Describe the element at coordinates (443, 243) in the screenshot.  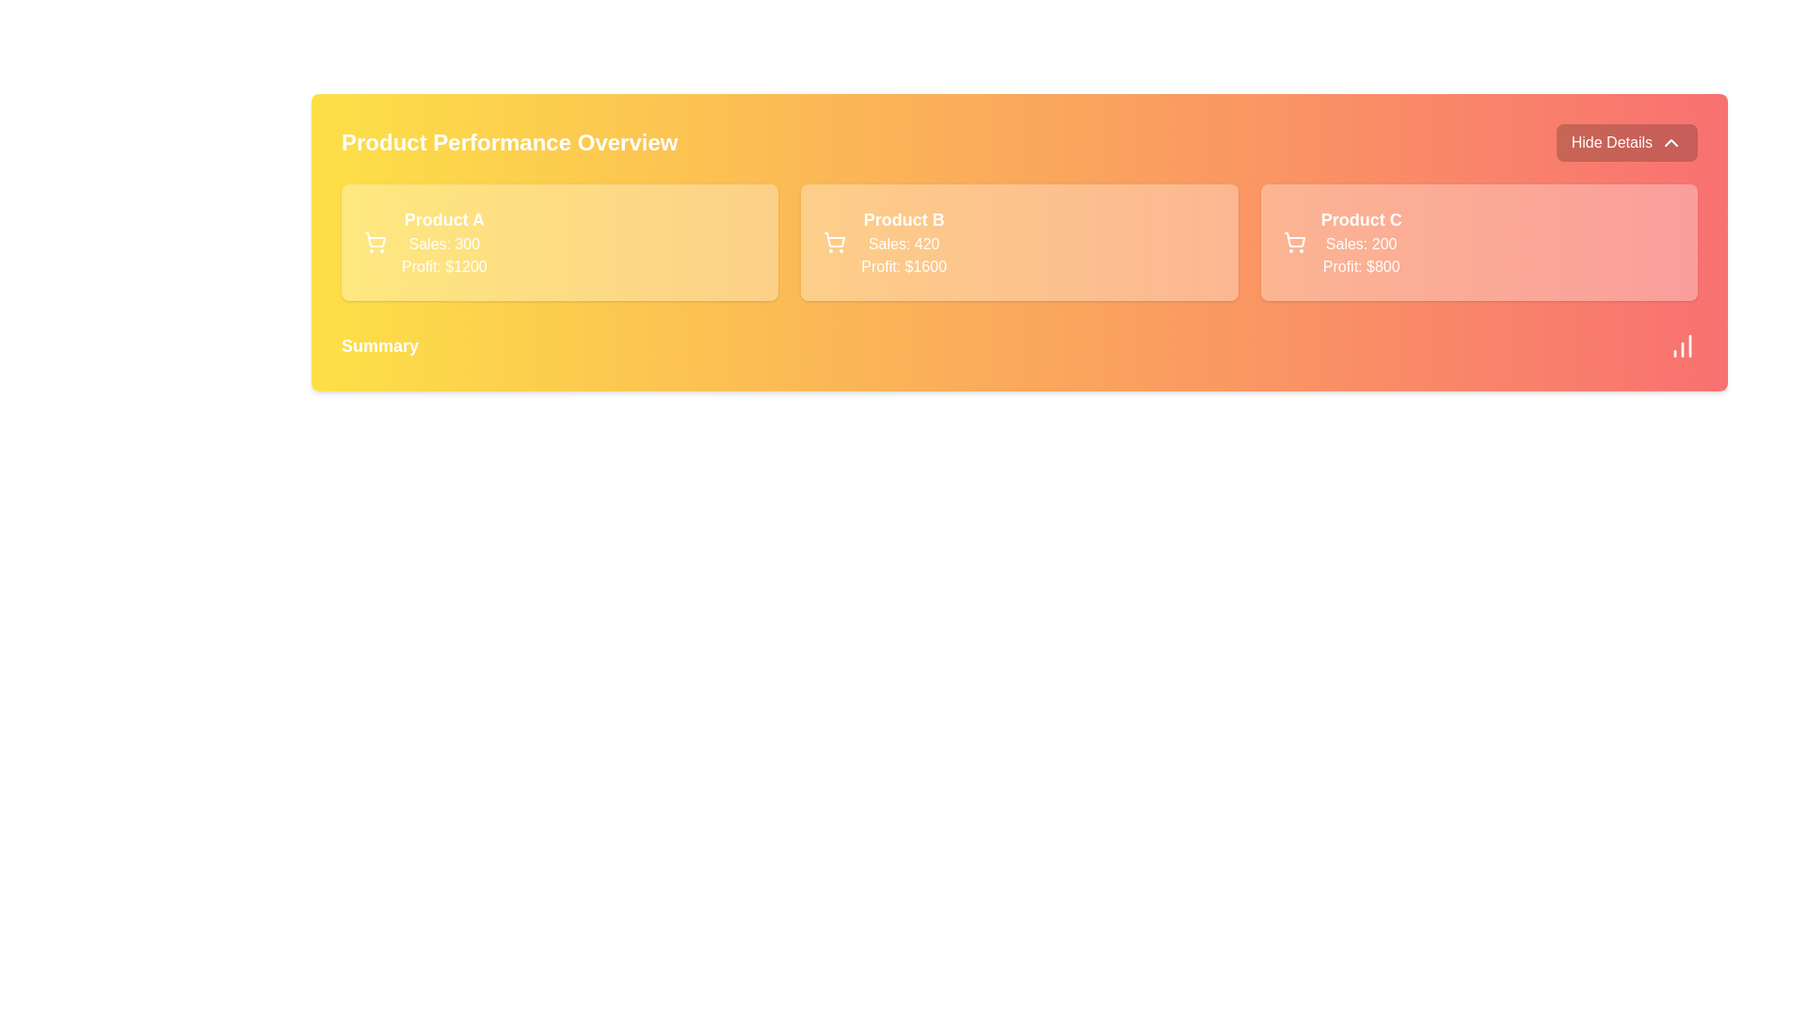
I see `the text label displaying 'Sales: 300' which is positioned beneath 'Product A' and above 'Profit: $1200', on a yellow background` at that location.